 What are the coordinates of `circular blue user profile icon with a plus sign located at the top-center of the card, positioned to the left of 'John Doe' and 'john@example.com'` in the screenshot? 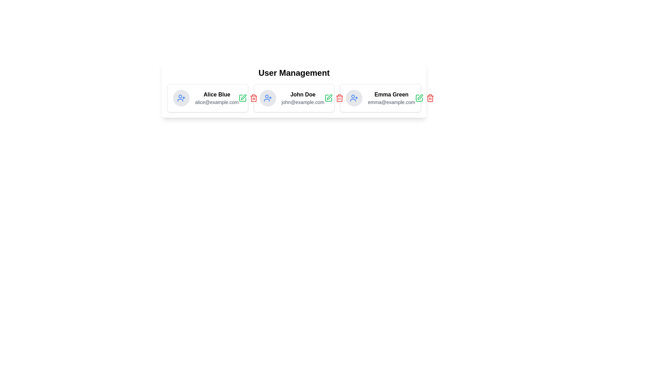 It's located at (267, 98).